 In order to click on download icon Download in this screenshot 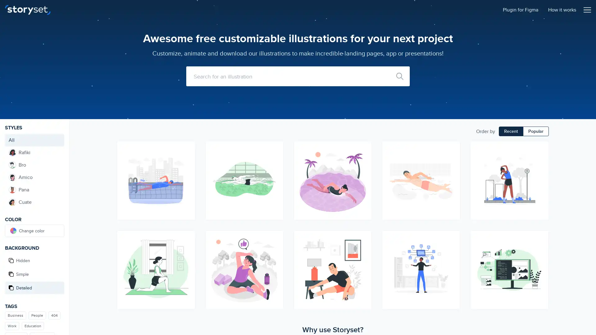, I will do `click(364, 160)`.